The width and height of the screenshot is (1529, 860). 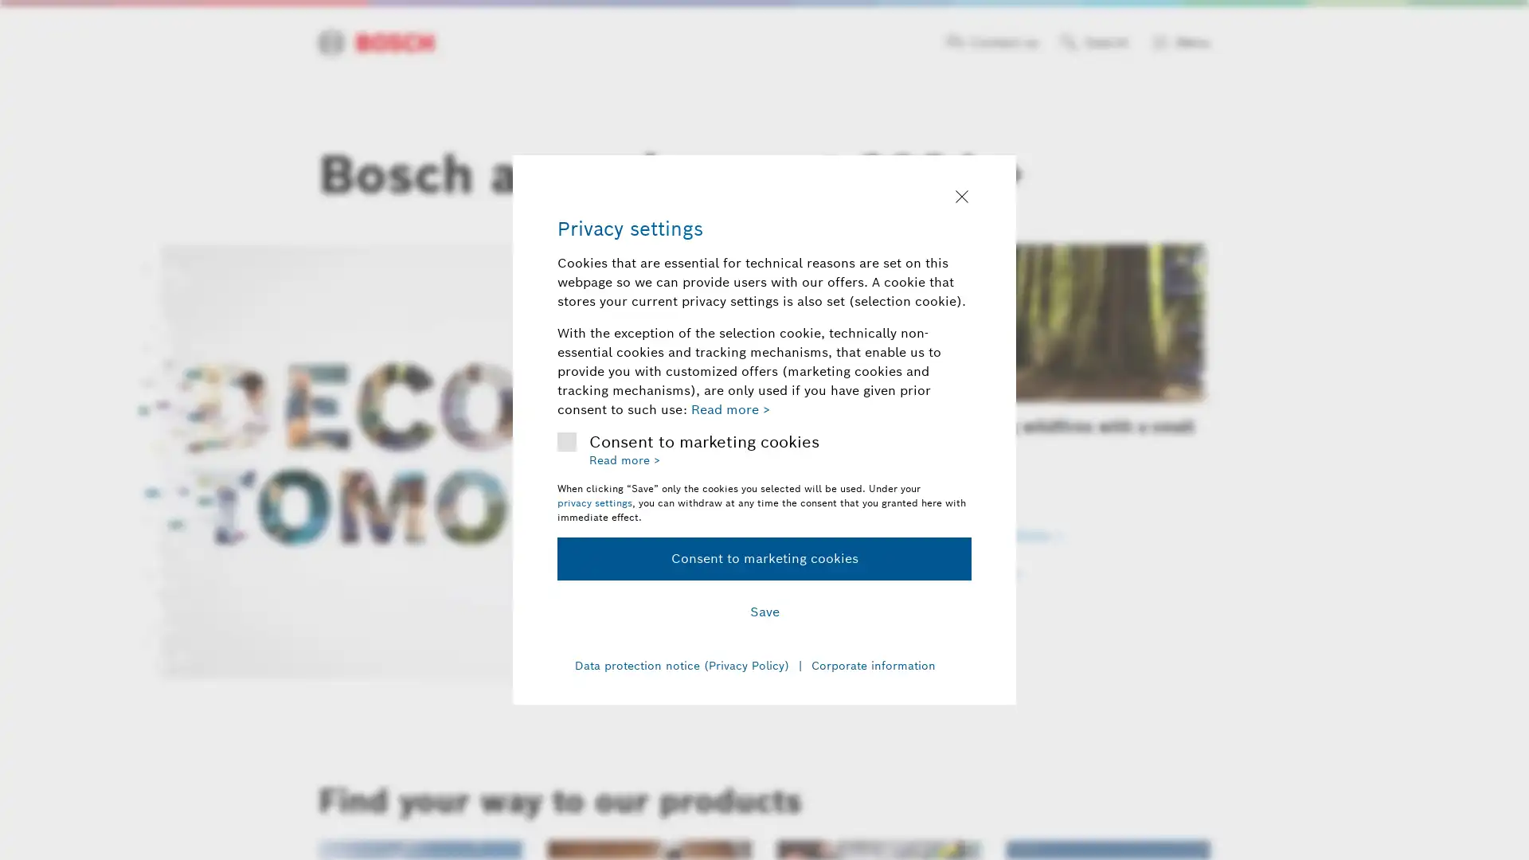 What do you see at coordinates (1093, 42) in the screenshot?
I see `Search` at bounding box center [1093, 42].